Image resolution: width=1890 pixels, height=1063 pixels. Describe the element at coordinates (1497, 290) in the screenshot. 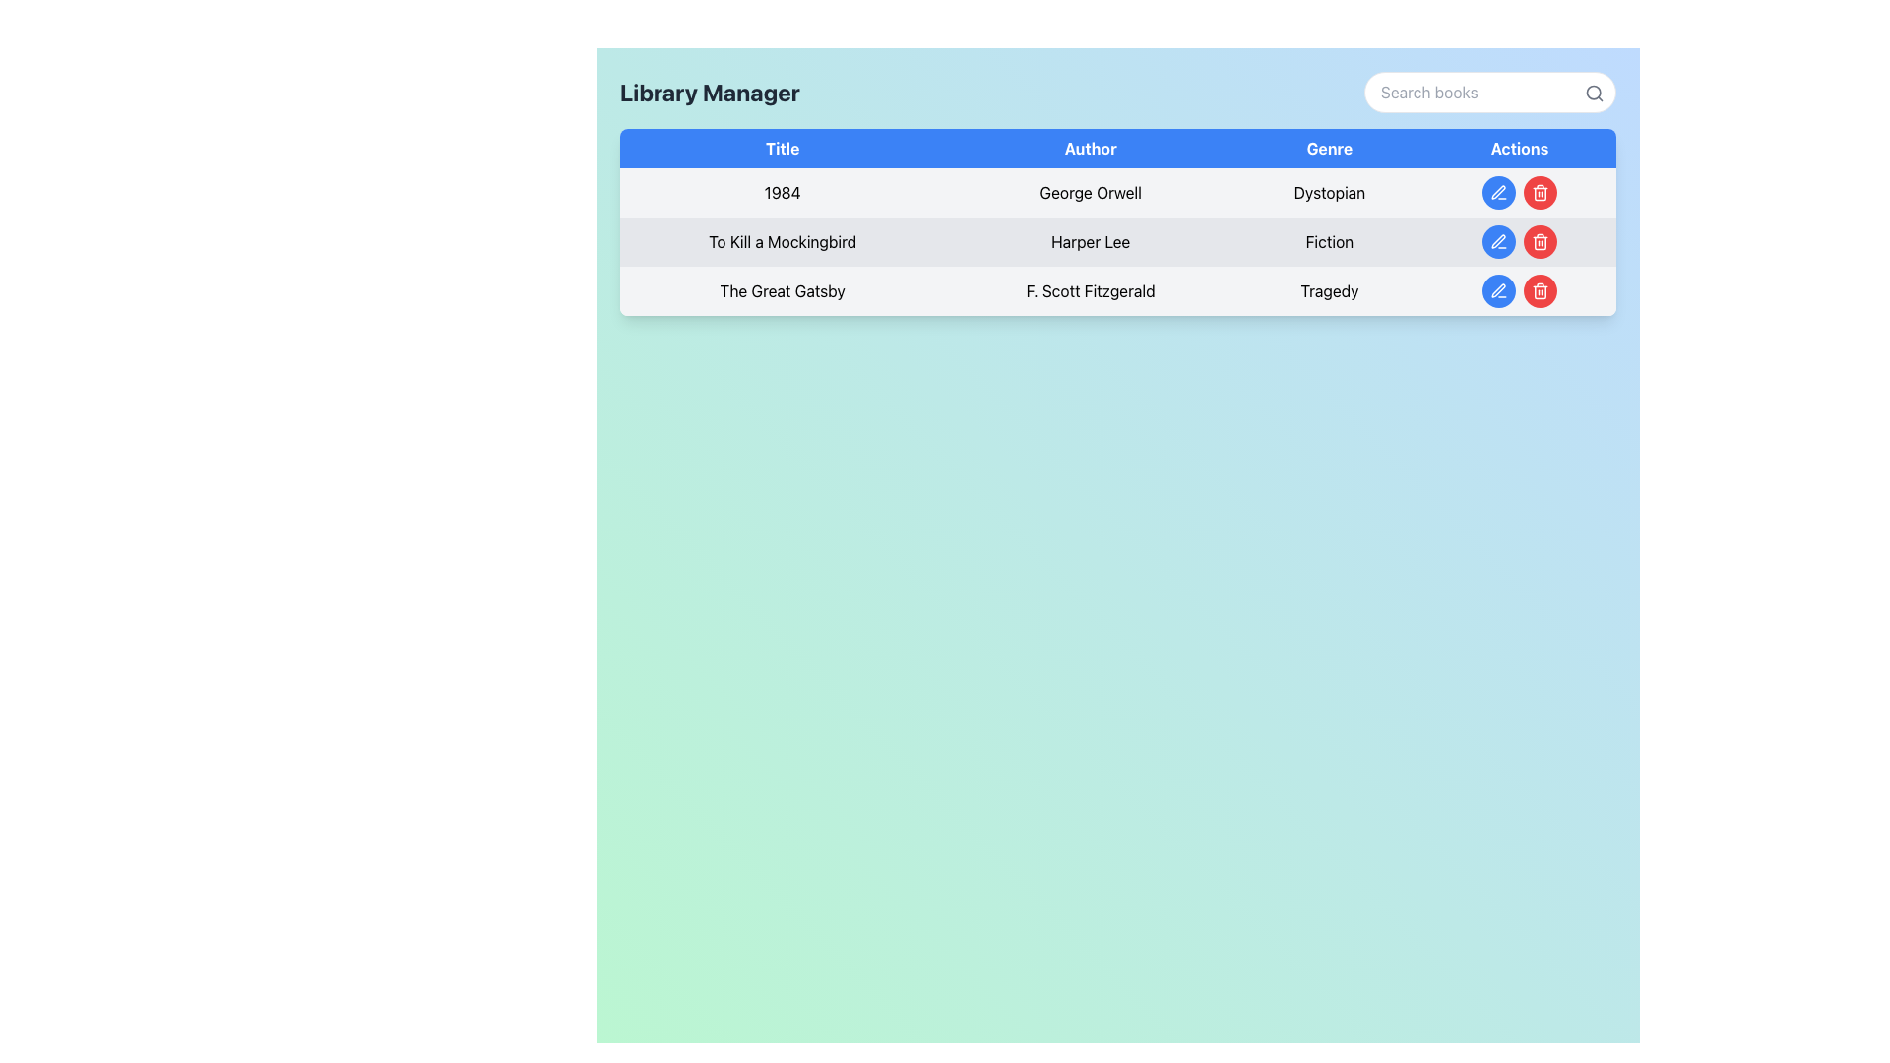

I see `the edit icon located in the 'Actions' column of the 'Library Manager' table, specifically next to the 'The Great Gatsby' entry` at that location.